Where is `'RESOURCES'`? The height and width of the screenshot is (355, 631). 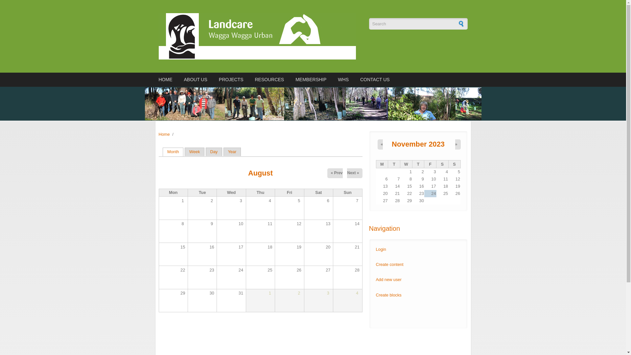
'RESOURCES' is located at coordinates (269, 79).